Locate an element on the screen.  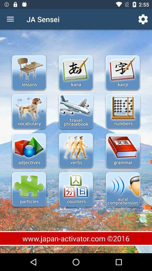
push the picture is located at coordinates (122, 73).